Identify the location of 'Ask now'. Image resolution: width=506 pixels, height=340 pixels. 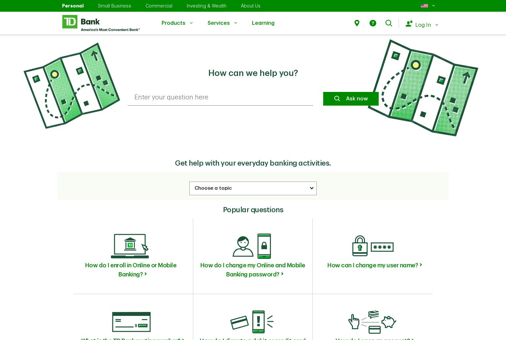
(356, 98).